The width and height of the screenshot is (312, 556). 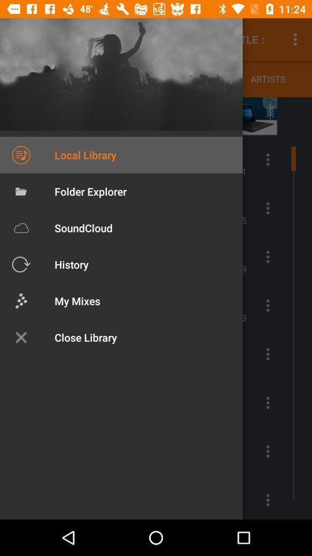 What do you see at coordinates (268, 451) in the screenshot?
I see `the more icon` at bounding box center [268, 451].